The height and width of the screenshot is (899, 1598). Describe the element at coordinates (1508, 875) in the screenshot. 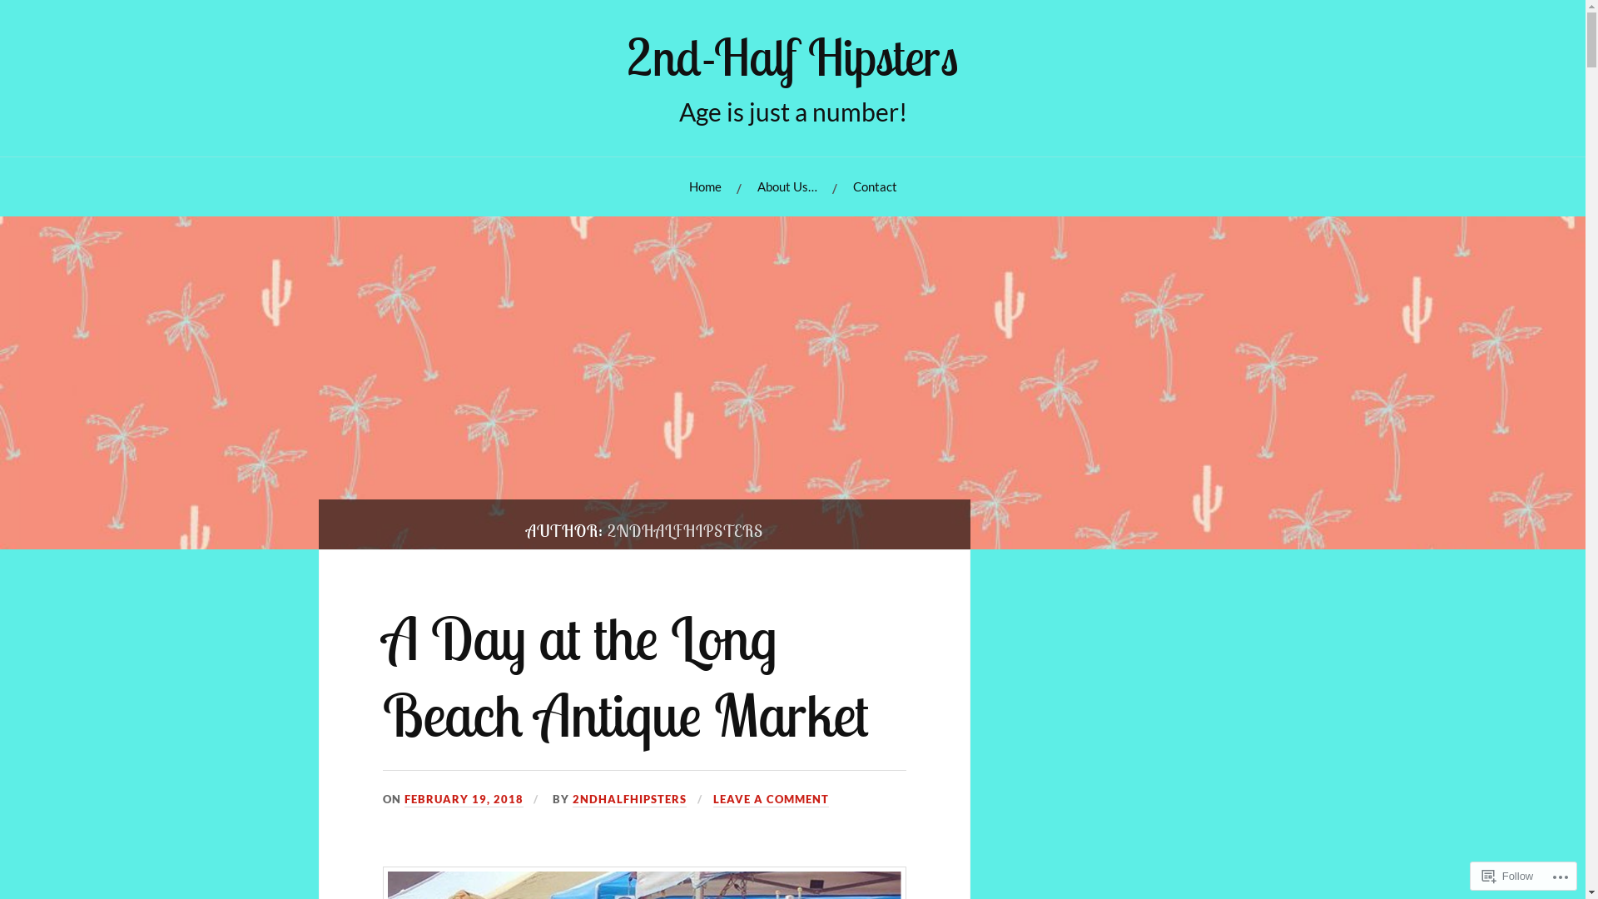

I see `'Follow'` at that location.